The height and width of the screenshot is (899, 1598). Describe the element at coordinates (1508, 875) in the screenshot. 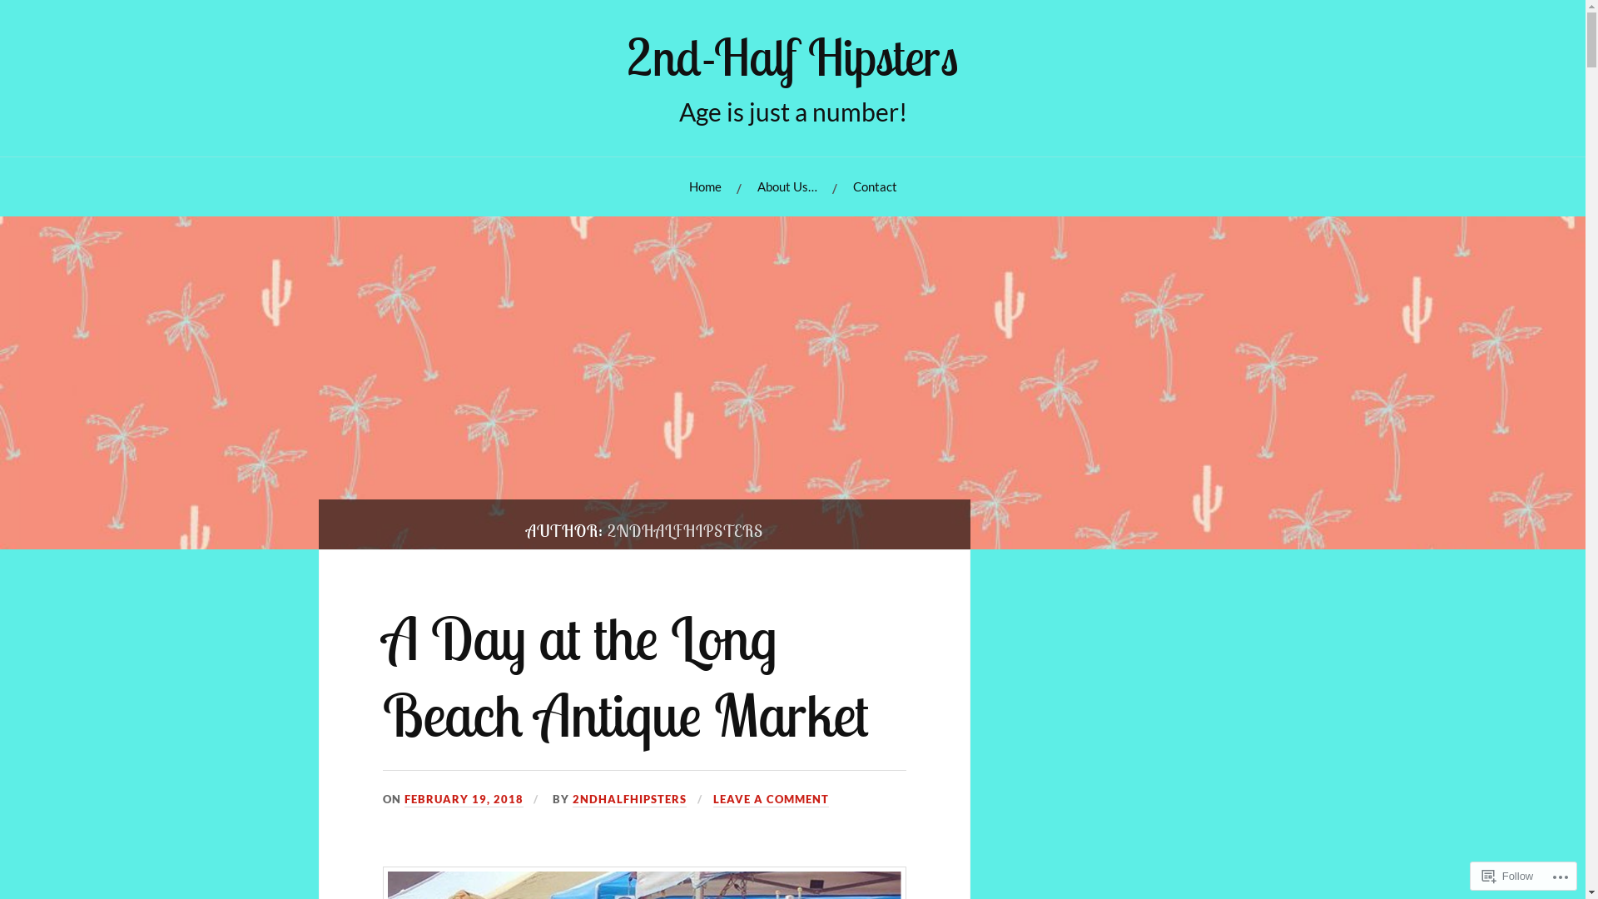

I see `'Follow'` at that location.